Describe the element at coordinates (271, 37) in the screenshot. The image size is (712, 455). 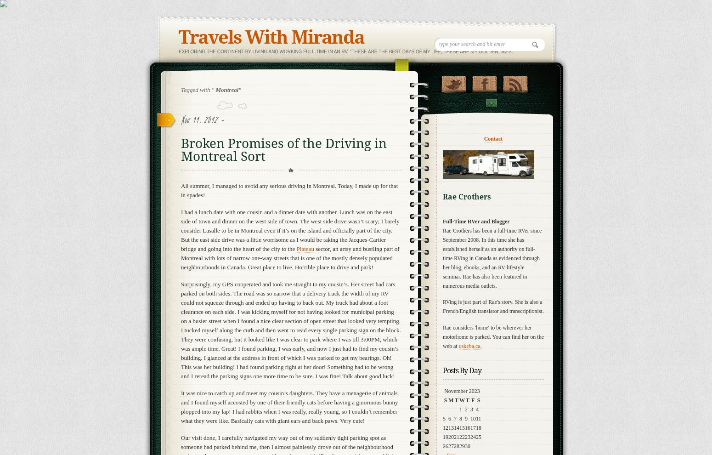
I see `'Travels With Miranda'` at that location.